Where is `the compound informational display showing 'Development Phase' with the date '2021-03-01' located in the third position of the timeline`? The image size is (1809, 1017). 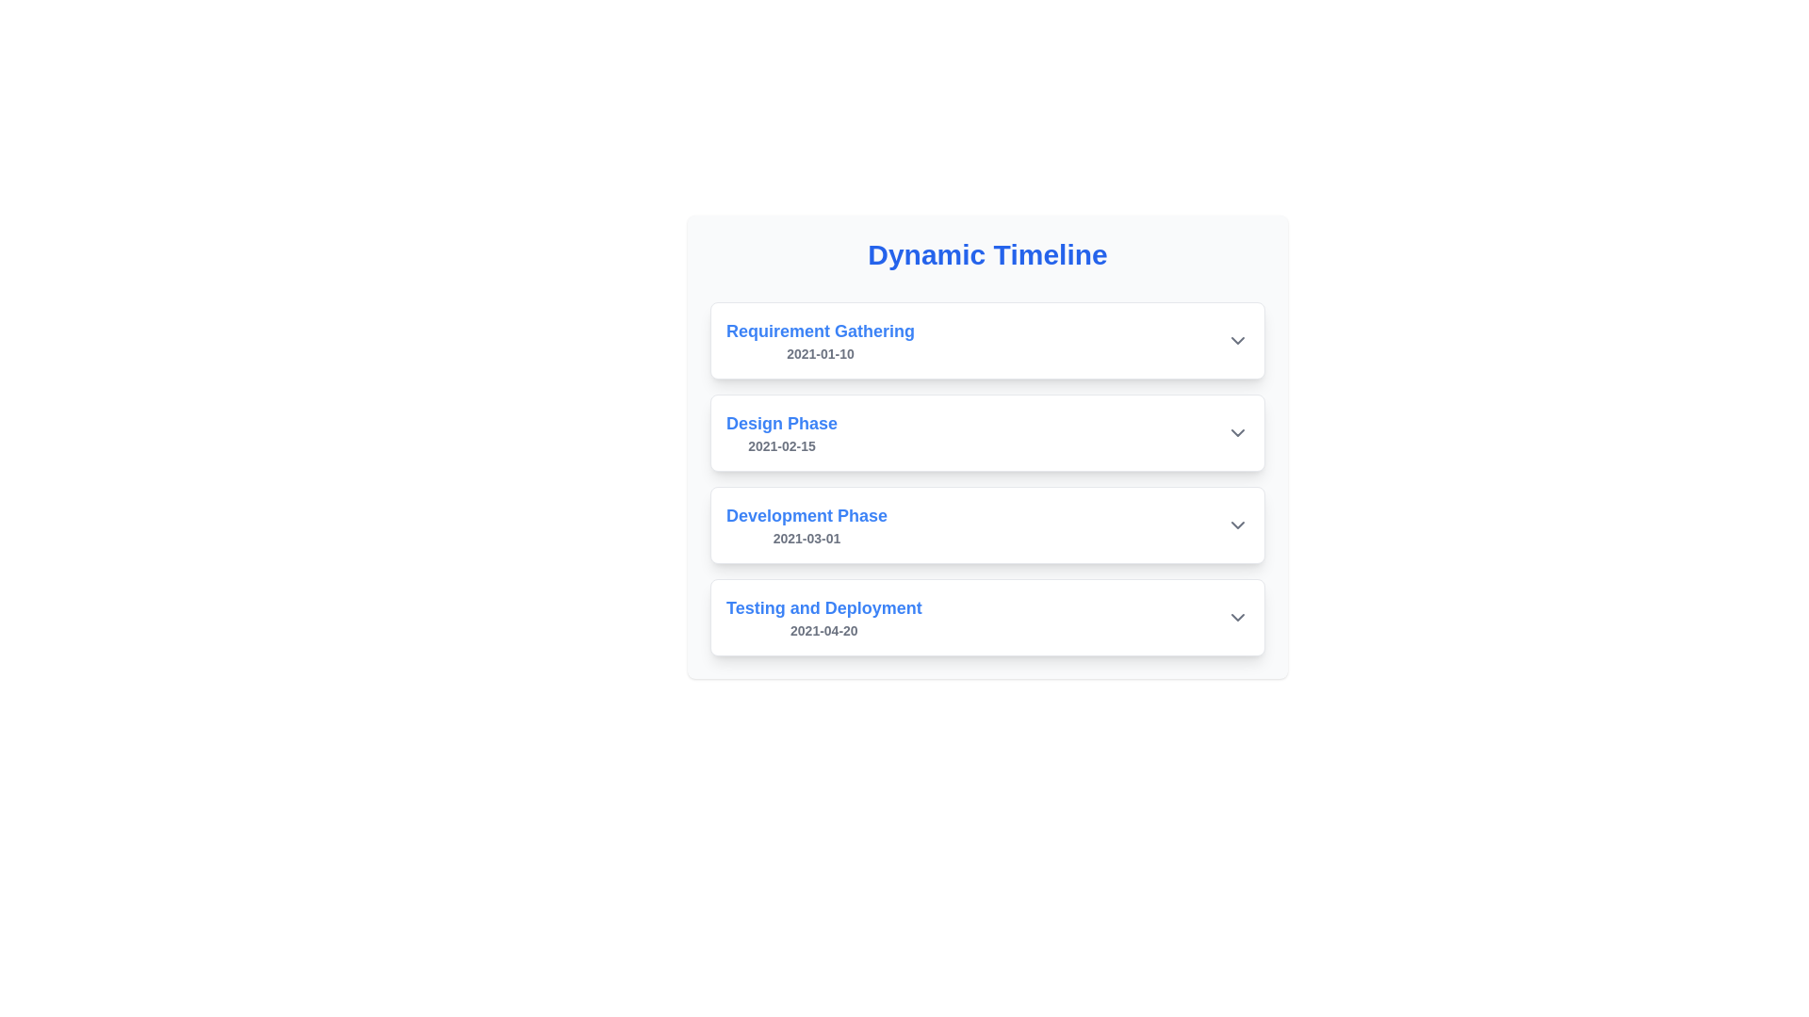
the compound informational display showing 'Development Phase' with the date '2021-03-01' located in the third position of the timeline is located at coordinates (807, 525).